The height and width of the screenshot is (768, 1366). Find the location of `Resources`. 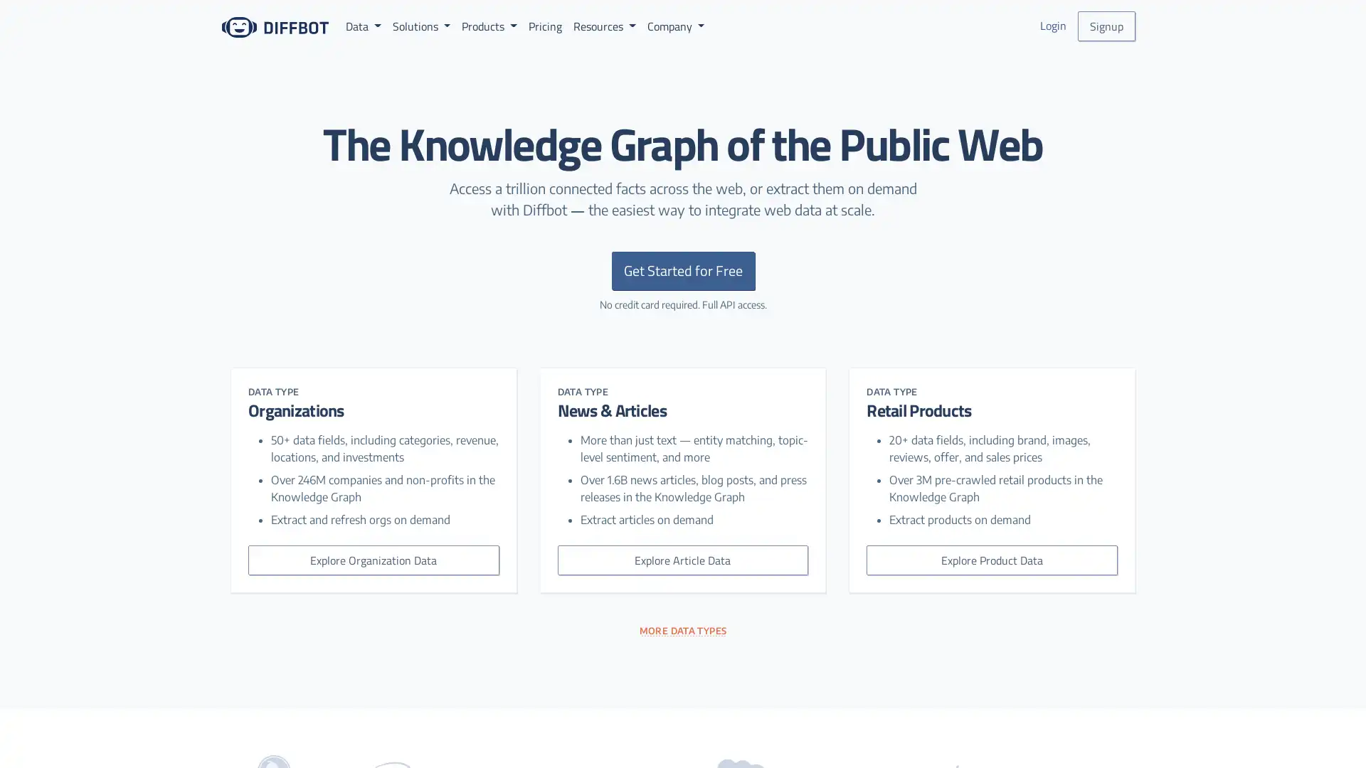

Resources is located at coordinates (604, 26).